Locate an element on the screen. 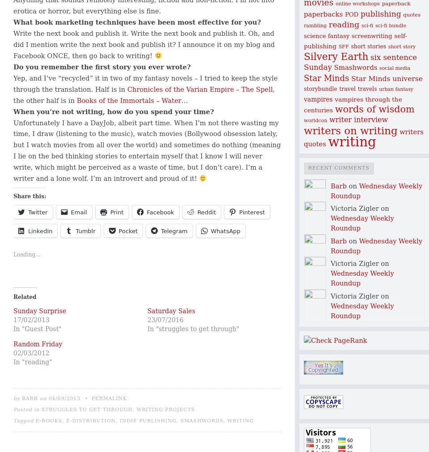  'e-books' is located at coordinates (48, 421).